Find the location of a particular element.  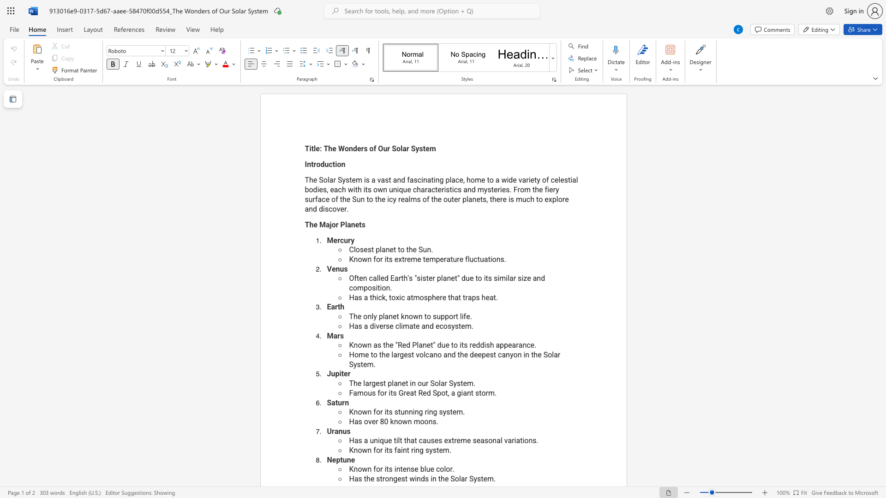

the subset text "Know" within the text "Known for its intense blue color." is located at coordinates (348, 469).